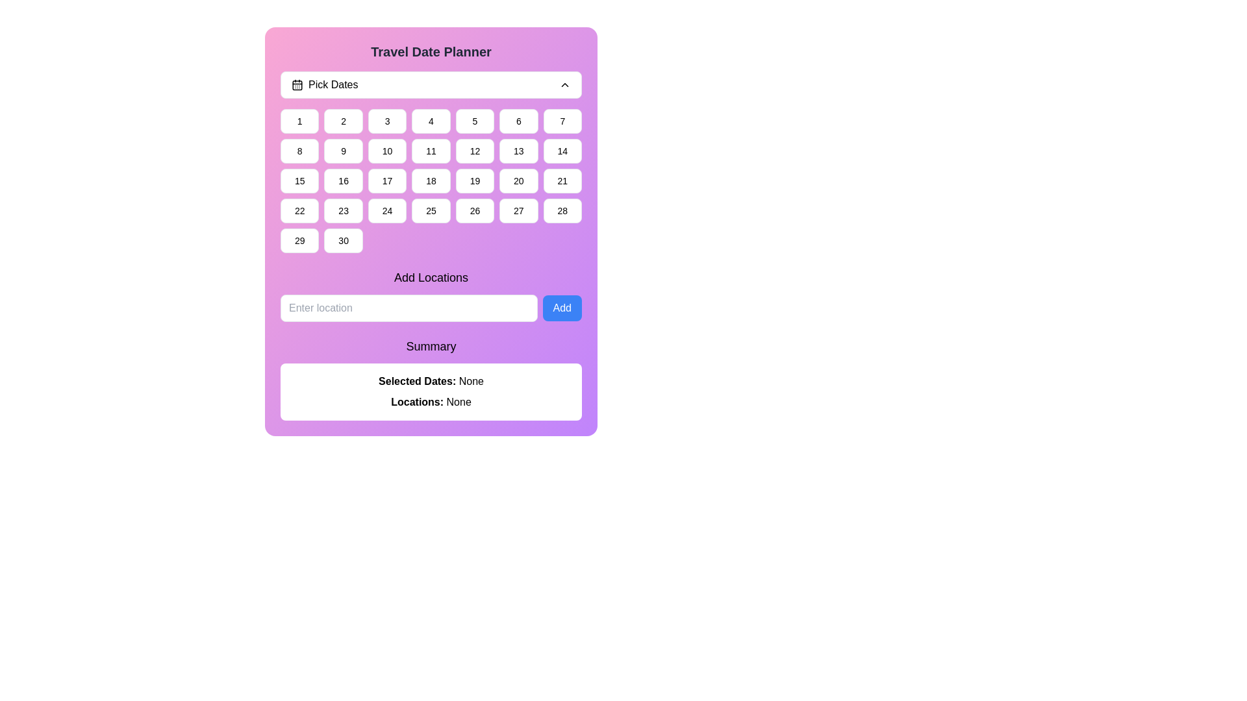 The image size is (1247, 701). What do you see at coordinates (474, 210) in the screenshot?
I see `the button representing the selectable date 26 in the date picker interface, located as the sixth button in the fourth row of the grid` at bounding box center [474, 210].